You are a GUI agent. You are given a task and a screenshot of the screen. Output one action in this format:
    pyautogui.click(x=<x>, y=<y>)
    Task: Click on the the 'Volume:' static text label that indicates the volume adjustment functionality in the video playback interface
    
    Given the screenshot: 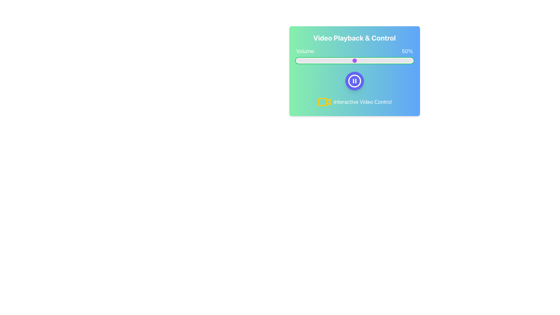 What is the action you would take?
    pyautogui.click(x=305, y=51)
    